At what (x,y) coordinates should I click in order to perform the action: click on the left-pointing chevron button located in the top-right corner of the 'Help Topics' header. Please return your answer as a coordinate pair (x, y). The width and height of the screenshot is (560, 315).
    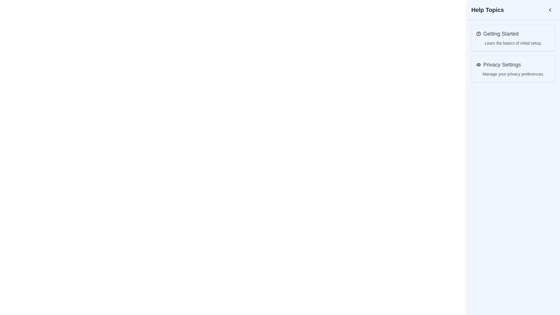
    Looking at the image, I should click on (550, 10).